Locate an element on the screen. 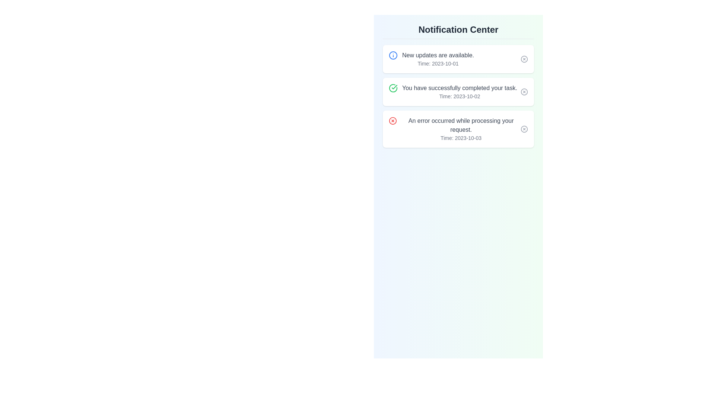 This screenshot has width=715, height=402. notification message text displayed within the first notification card in the 'Notification Center', which includes its timestamp is located at coordinates (438, 58).